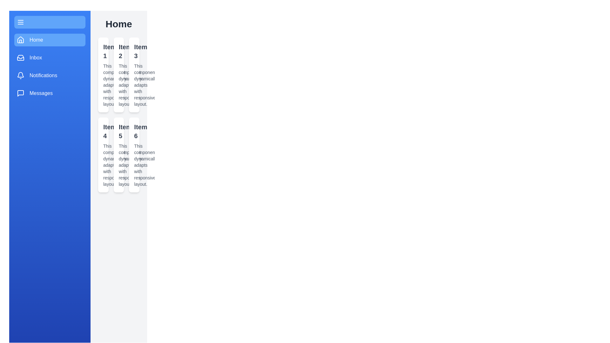 The image size is (610, 343). What do you see at coordinates (103, 74) in the screenshot?
I see `the card that serves as a visual grouping of title and description information, located at the top-left corner of the grid layout` at bounding box center [103, 74].